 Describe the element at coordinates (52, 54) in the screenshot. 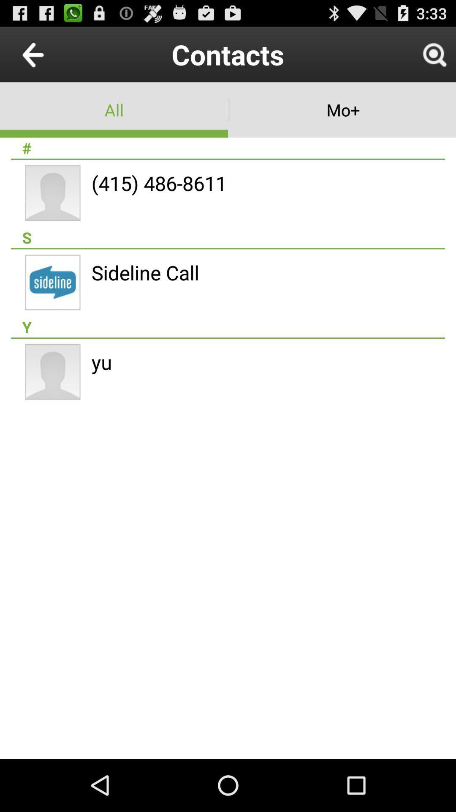

I see `the item next to the contacts app` at that location.